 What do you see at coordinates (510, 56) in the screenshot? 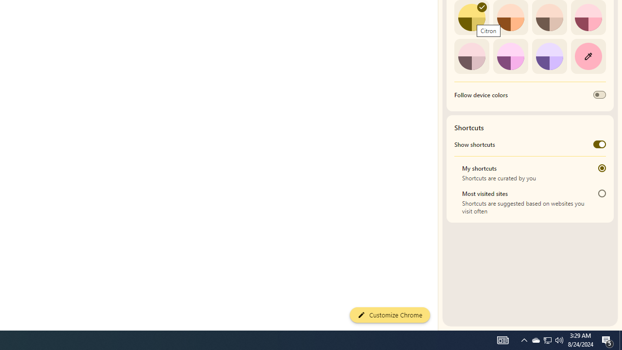
I see `'Fuchsia'` at bounding box center [510, 56].